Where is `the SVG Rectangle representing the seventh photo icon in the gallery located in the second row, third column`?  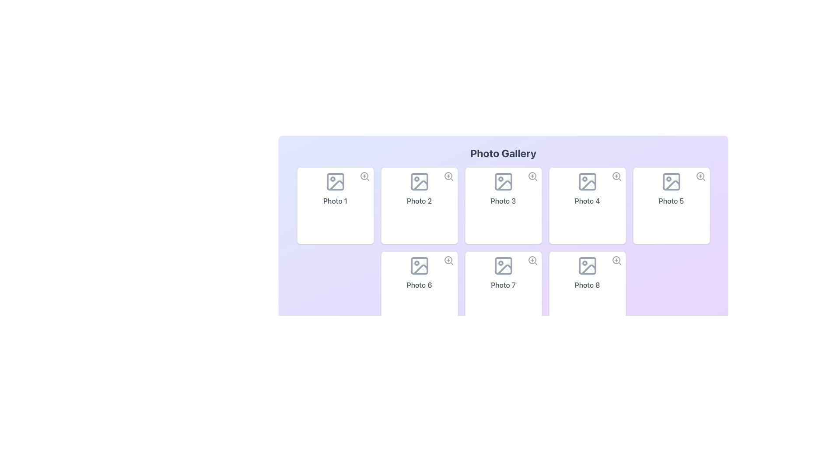
the SVG Rectangle representing the seventh photo icon in the gallery located in the second row, third column is located at coordinates (503, 265).